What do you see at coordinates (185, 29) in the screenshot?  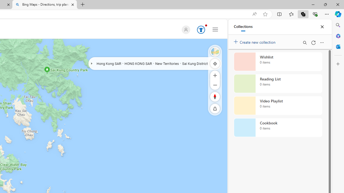 I see `'Default Profile Picture'` at bounding box center [185, 29].